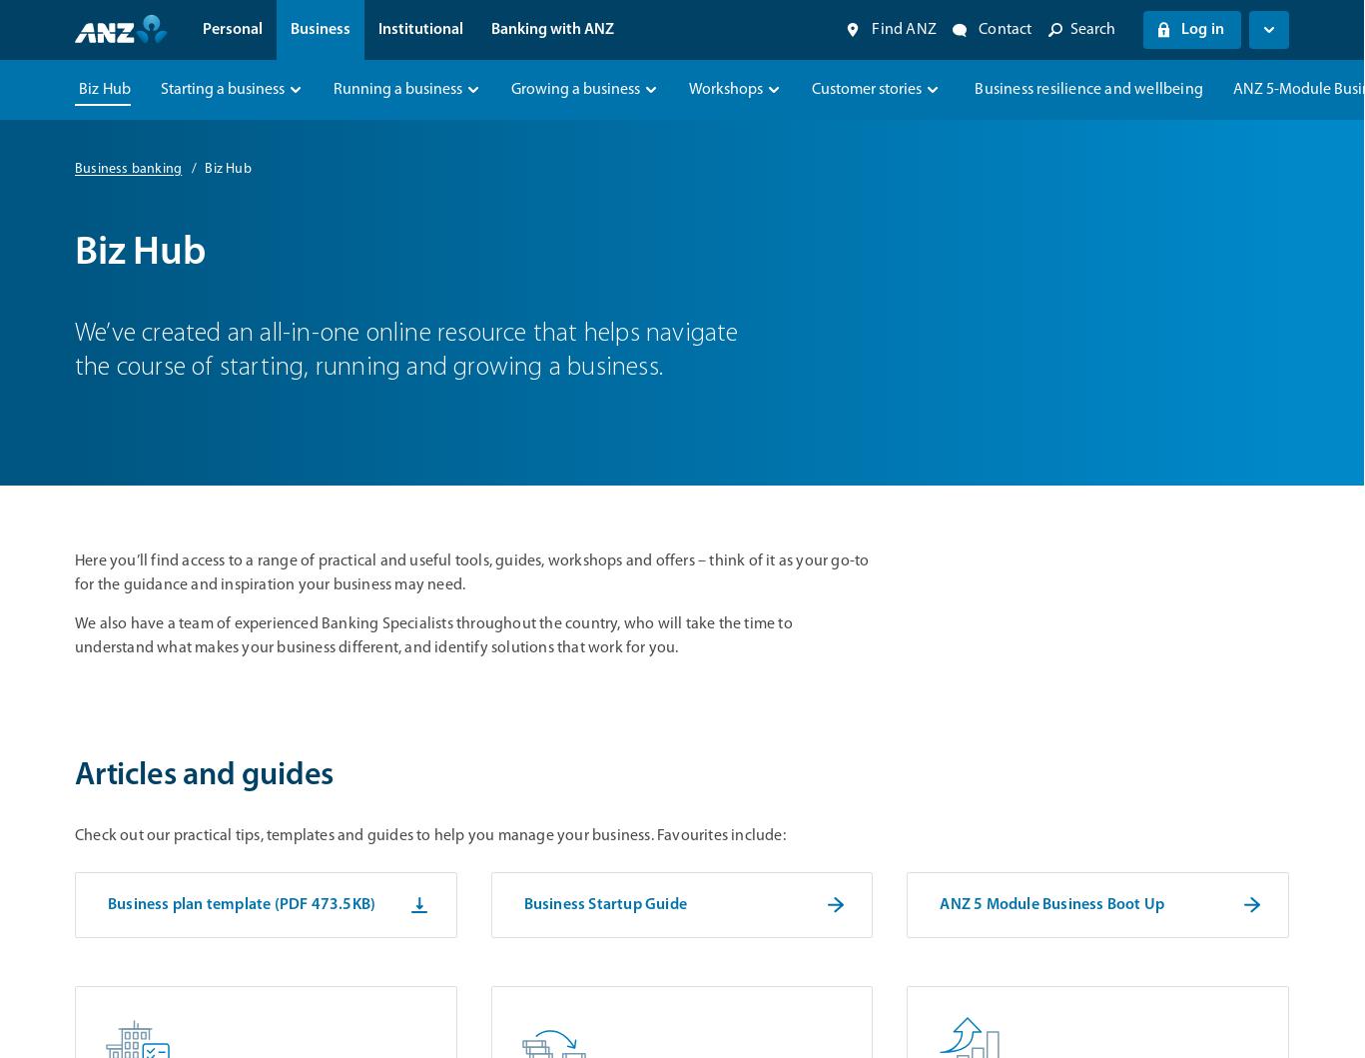 The height and width of the screenshot is (1058, 1365). I want to click on 'Transaction banking', so click(293, 219).